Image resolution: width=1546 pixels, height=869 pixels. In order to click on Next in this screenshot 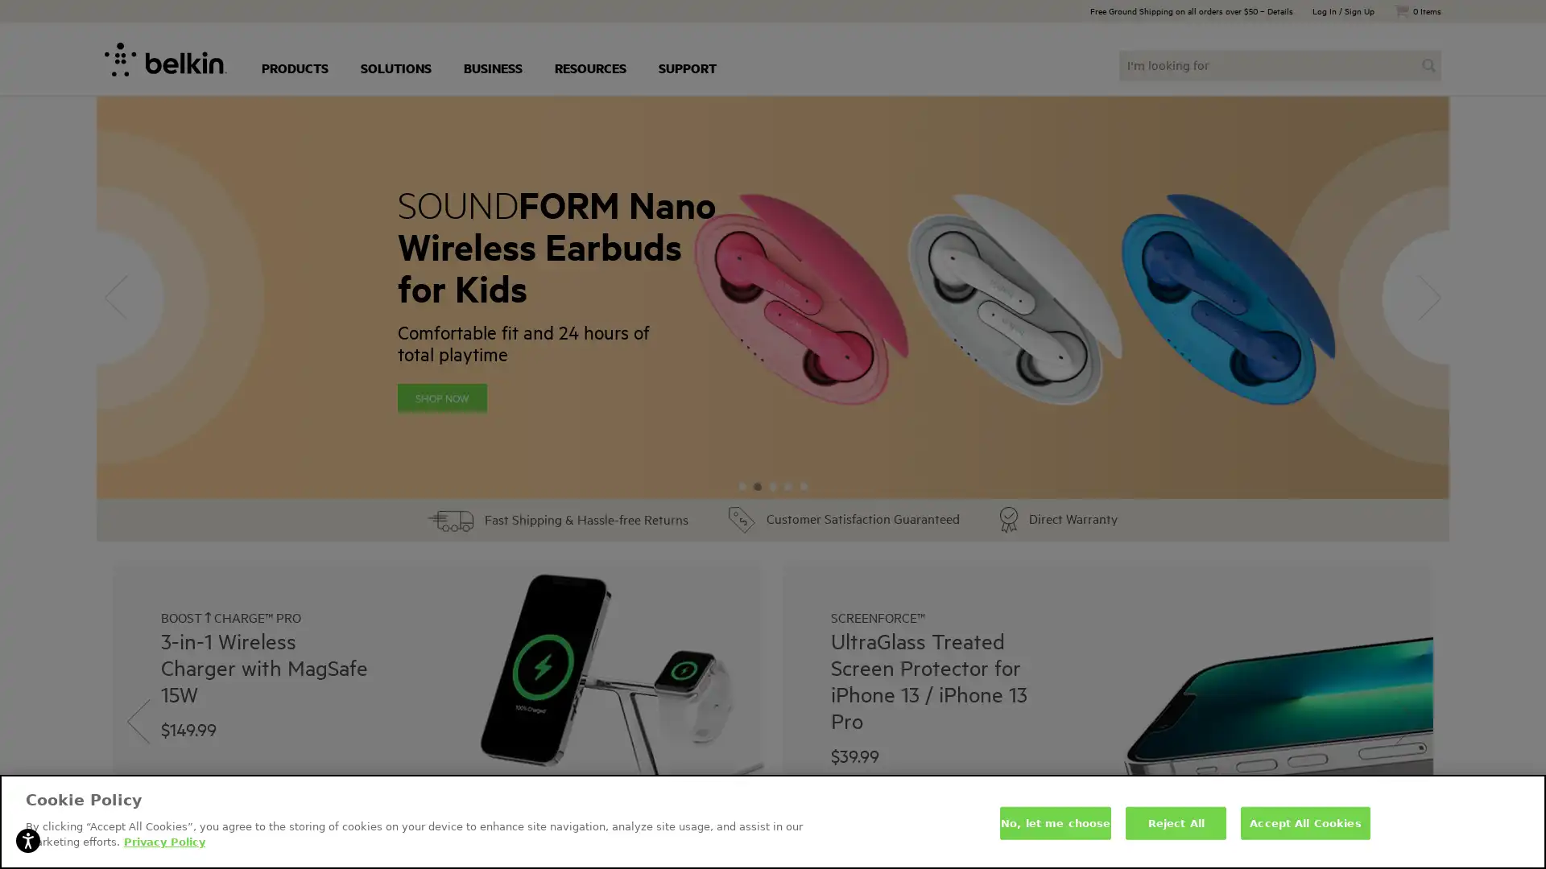, I will do `click(1406, 721)`.